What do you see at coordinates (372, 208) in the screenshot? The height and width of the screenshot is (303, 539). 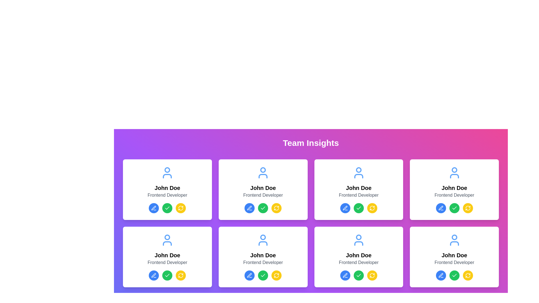 I see `the circular yellow refresh button located at the bottom-right corner of the user profile card for 'John Doe', which is adjacent to a blue pencil icon and a green checkmark icon` at bounding box center [372, 208].